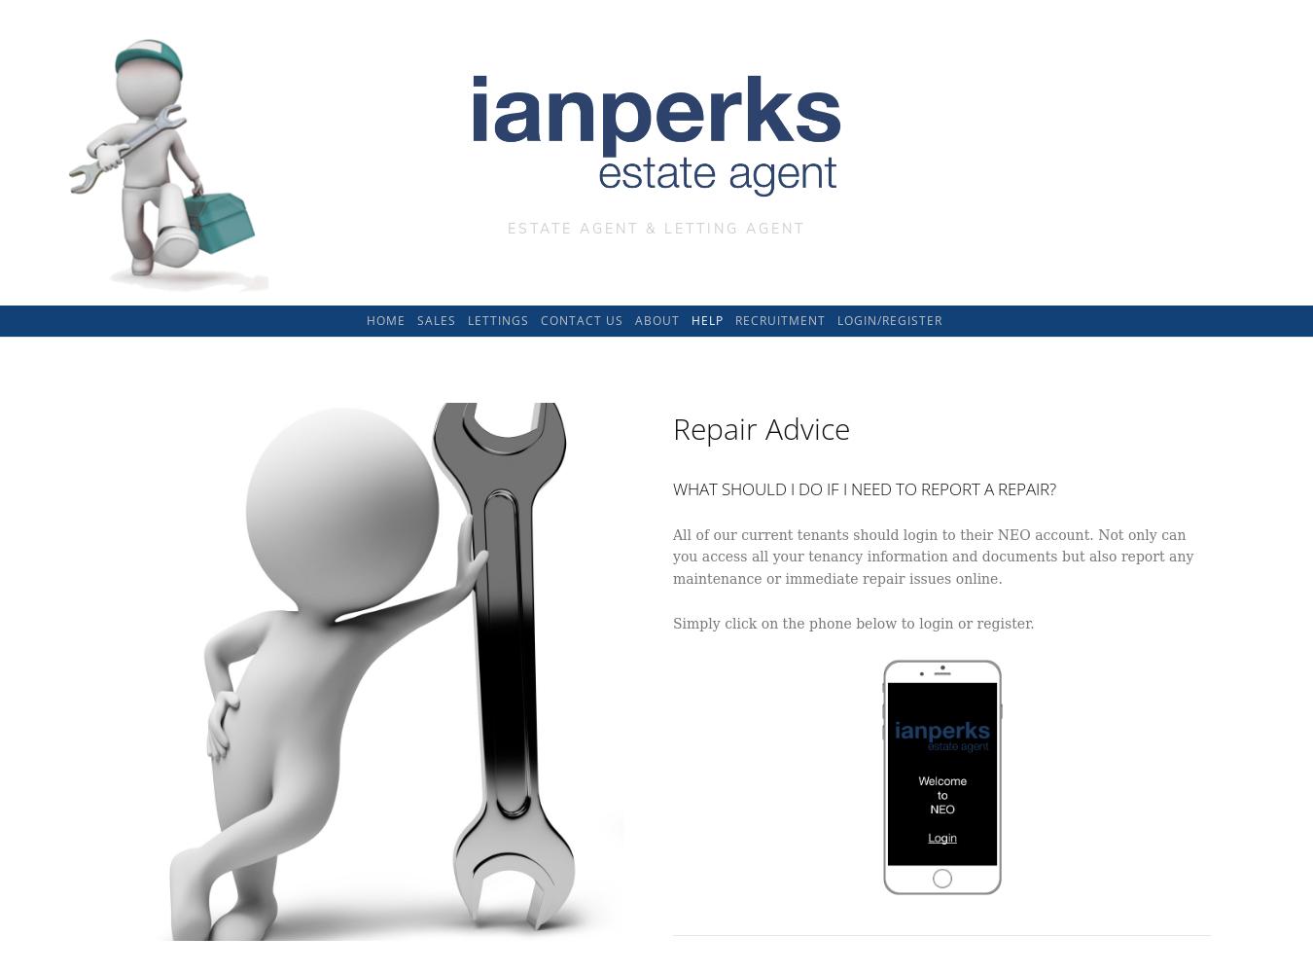  Describe the element at coordinates (856, 624) in the screenshot. I see `'Simply click on the phone below to login or register.'` at that location.